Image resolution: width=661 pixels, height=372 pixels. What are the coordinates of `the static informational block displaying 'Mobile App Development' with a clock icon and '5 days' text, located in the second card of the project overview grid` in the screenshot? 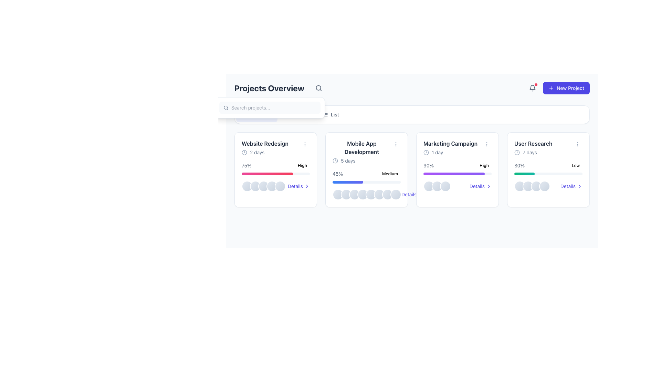 It's located at (366, 151).